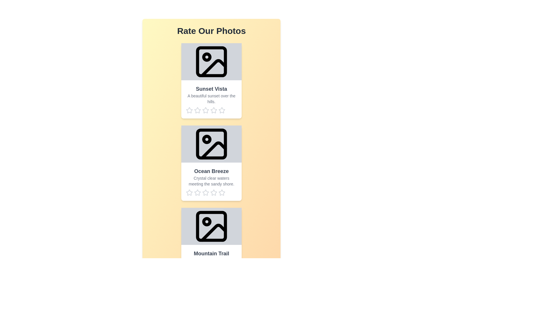 The image size is (557, 313). Describe the element at coordinates (211, 245) in the screenshot. I see `the photo titled Mountain Trail to view its name and description` at that location.